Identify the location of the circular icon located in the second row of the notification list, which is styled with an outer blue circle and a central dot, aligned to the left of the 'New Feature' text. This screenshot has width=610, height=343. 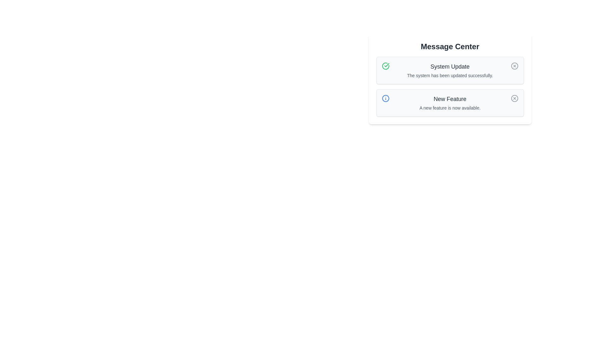
(385, 98).